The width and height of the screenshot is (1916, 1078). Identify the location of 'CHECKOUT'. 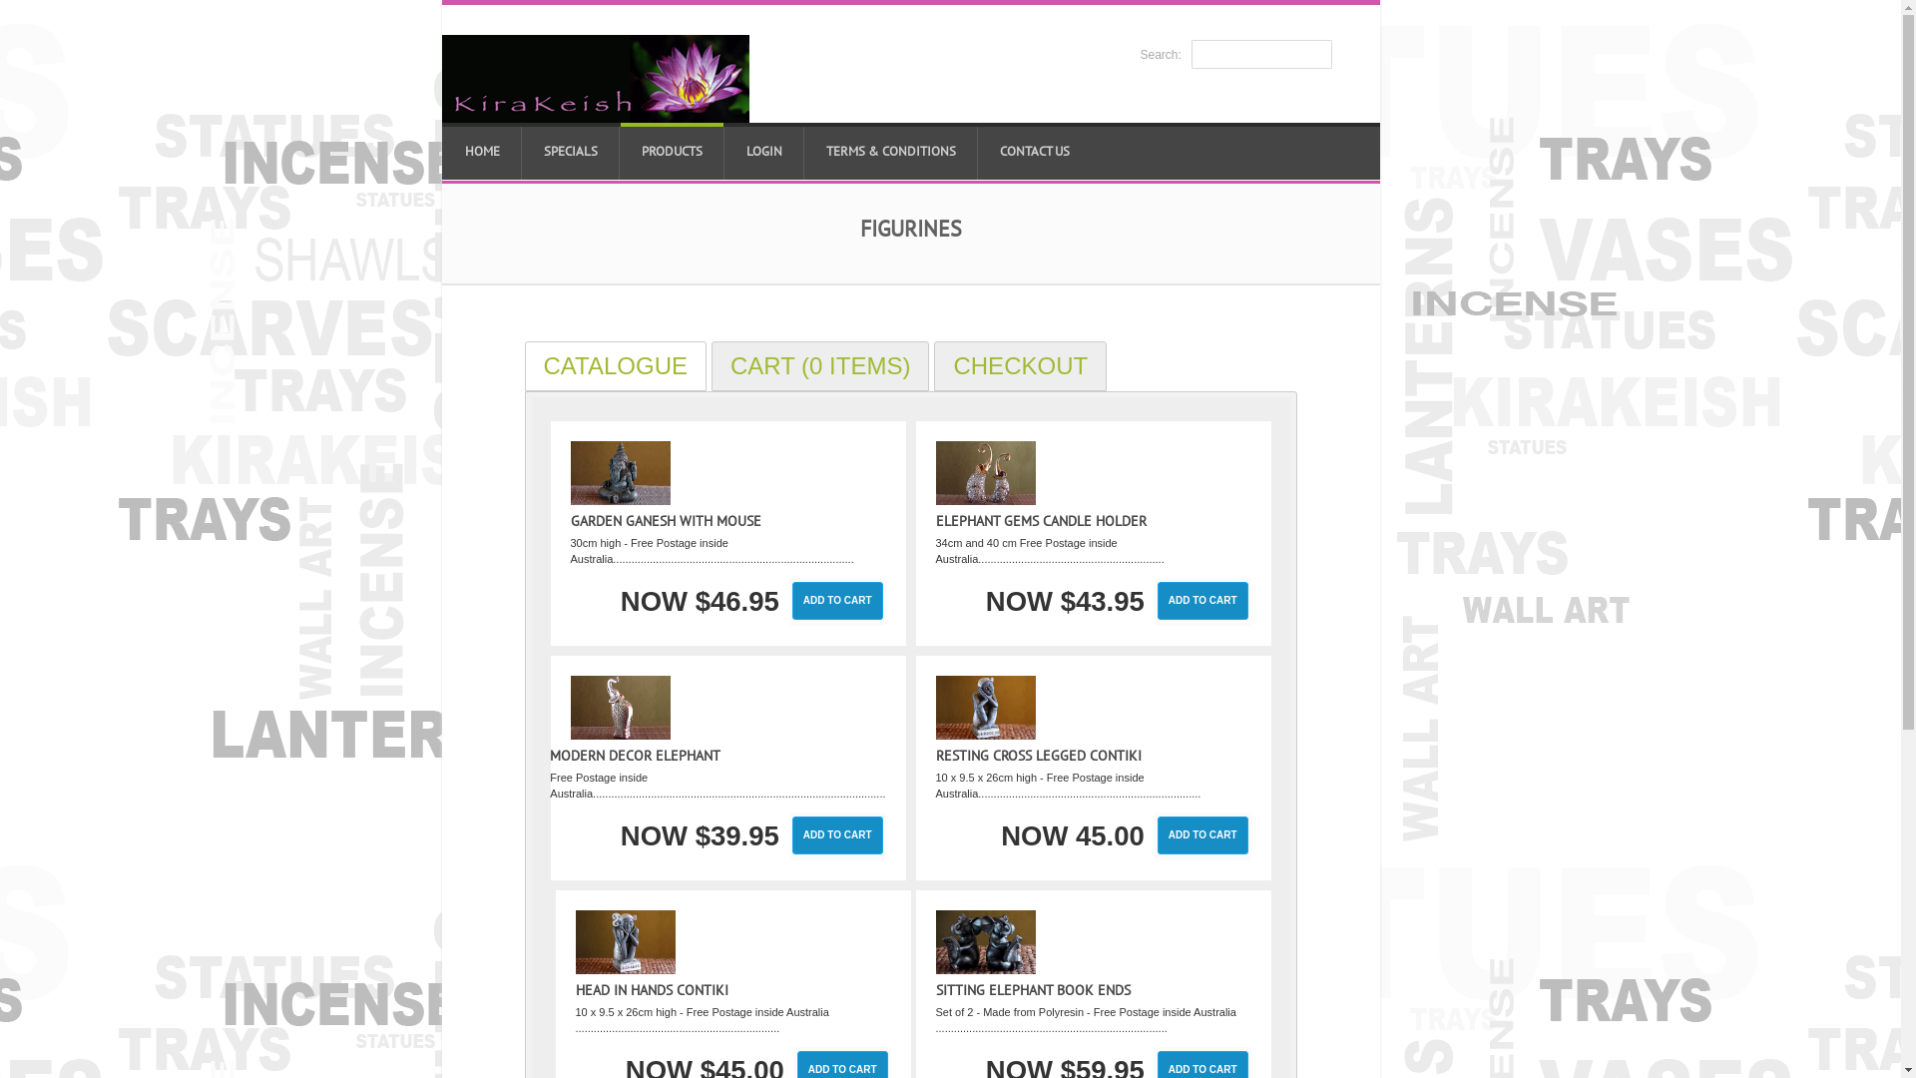
(1020, 365).